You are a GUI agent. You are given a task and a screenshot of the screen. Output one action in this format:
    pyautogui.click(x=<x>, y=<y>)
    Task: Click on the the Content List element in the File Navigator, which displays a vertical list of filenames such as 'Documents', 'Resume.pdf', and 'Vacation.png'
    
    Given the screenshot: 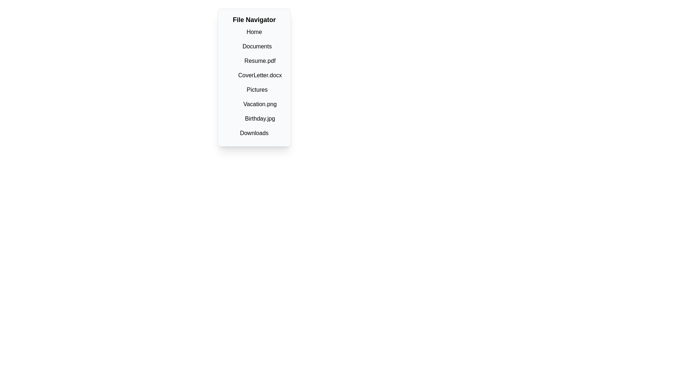 What is the action you would take?
    pyautogui.click(x=257, y=82)
    